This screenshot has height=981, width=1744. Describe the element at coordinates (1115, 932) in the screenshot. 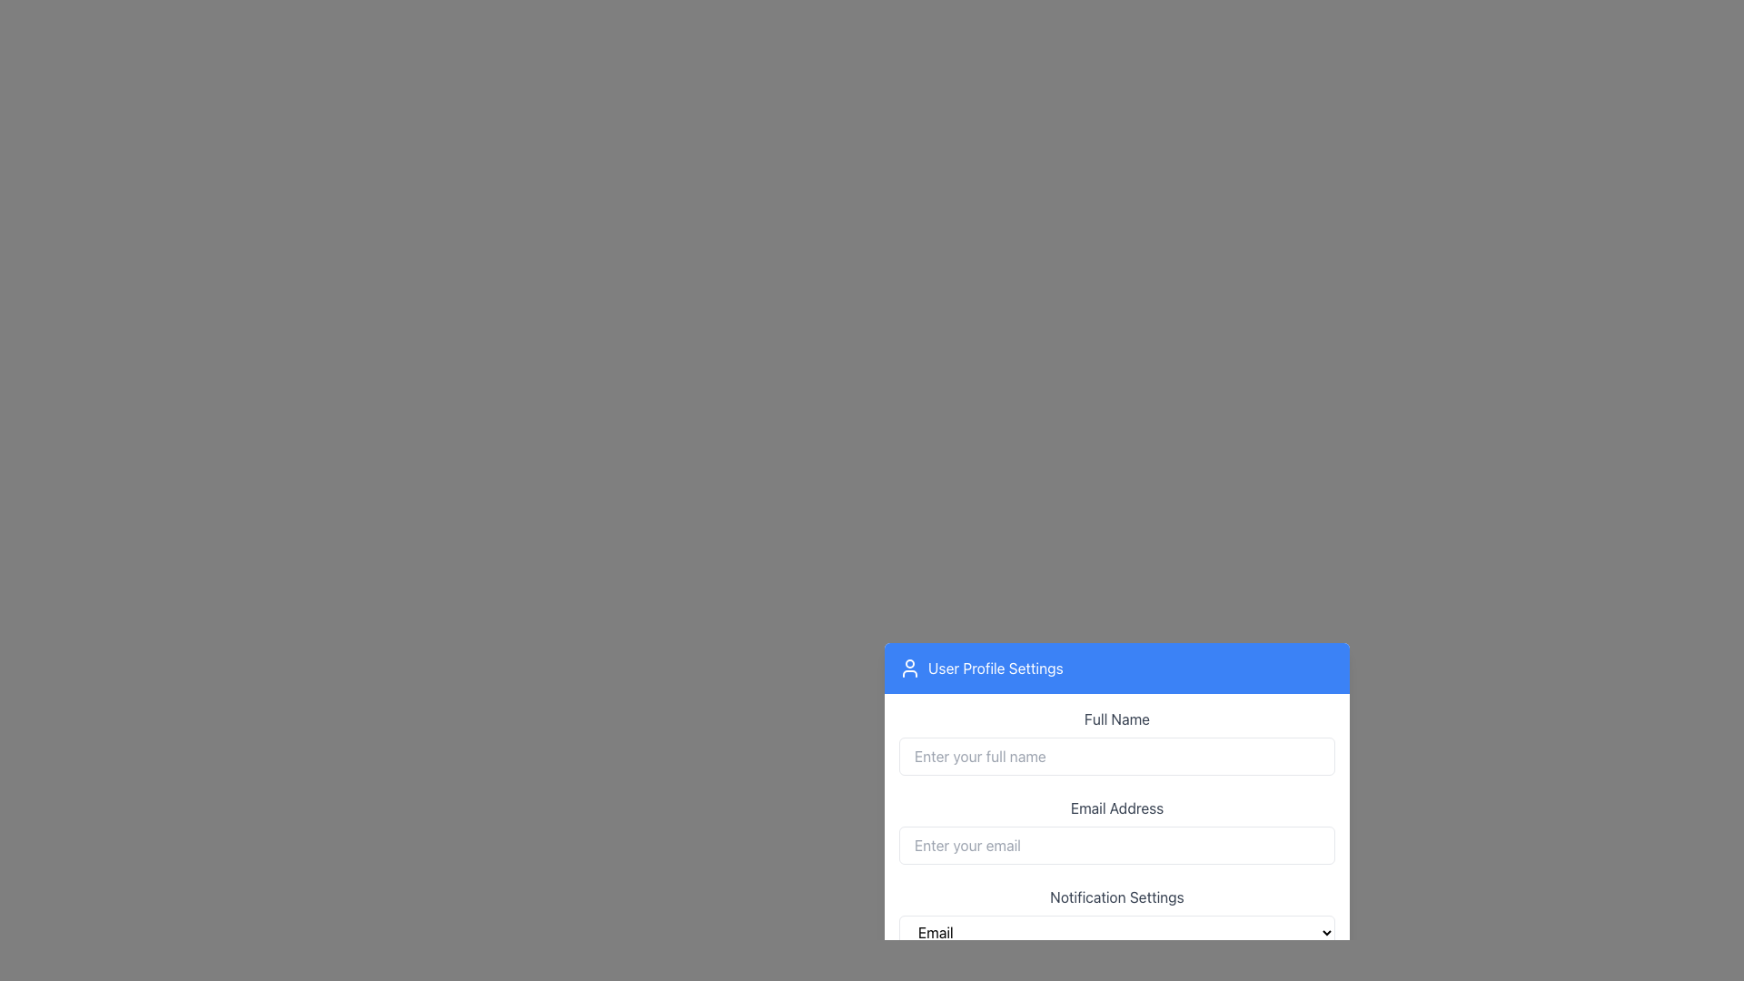

I see `the Dropdown menu for selecting notification methods located beneath 'Notification Settings'` at that location.